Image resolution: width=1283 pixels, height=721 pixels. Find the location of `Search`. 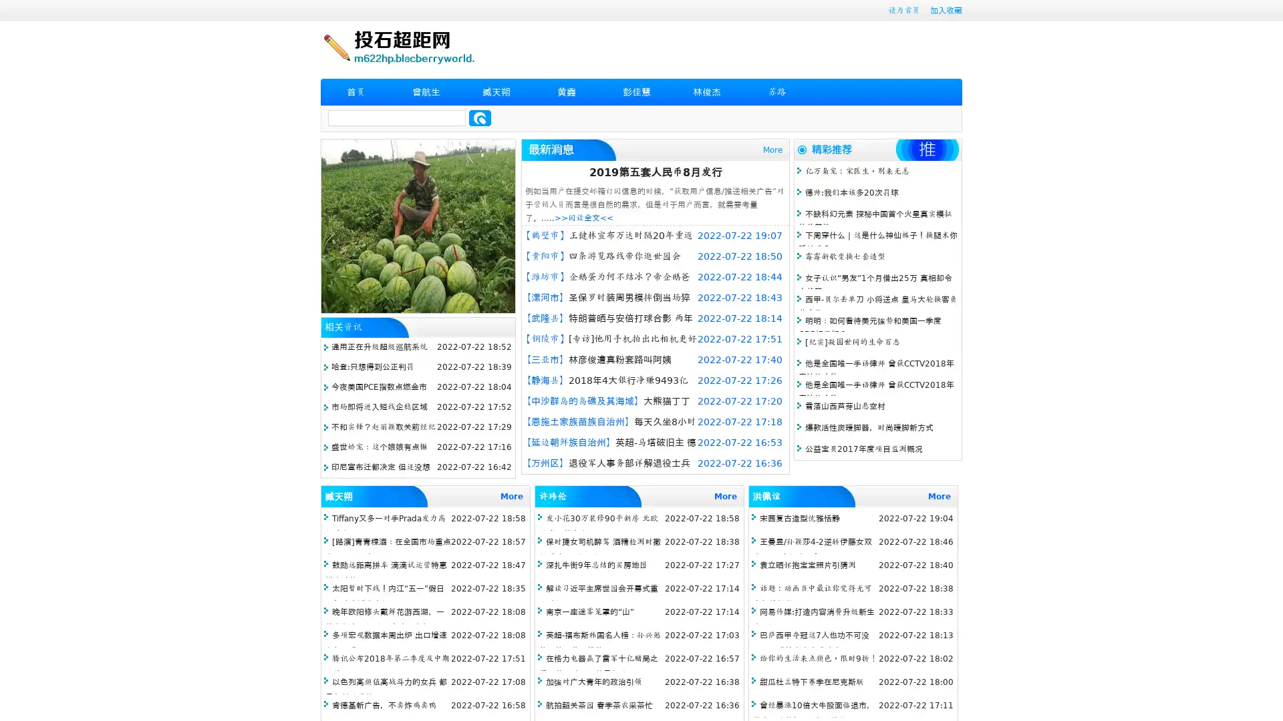

Search is located at coordinates (480, 117).